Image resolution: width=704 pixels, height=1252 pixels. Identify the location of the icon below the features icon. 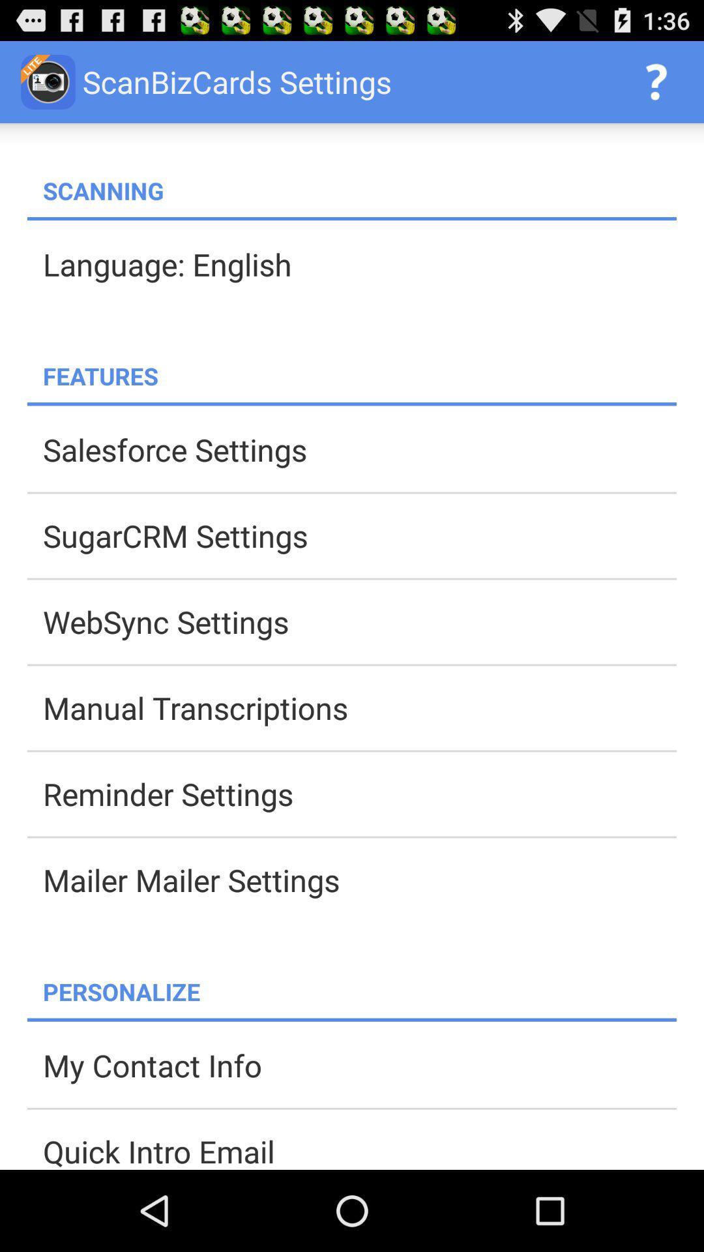
(352, 403).